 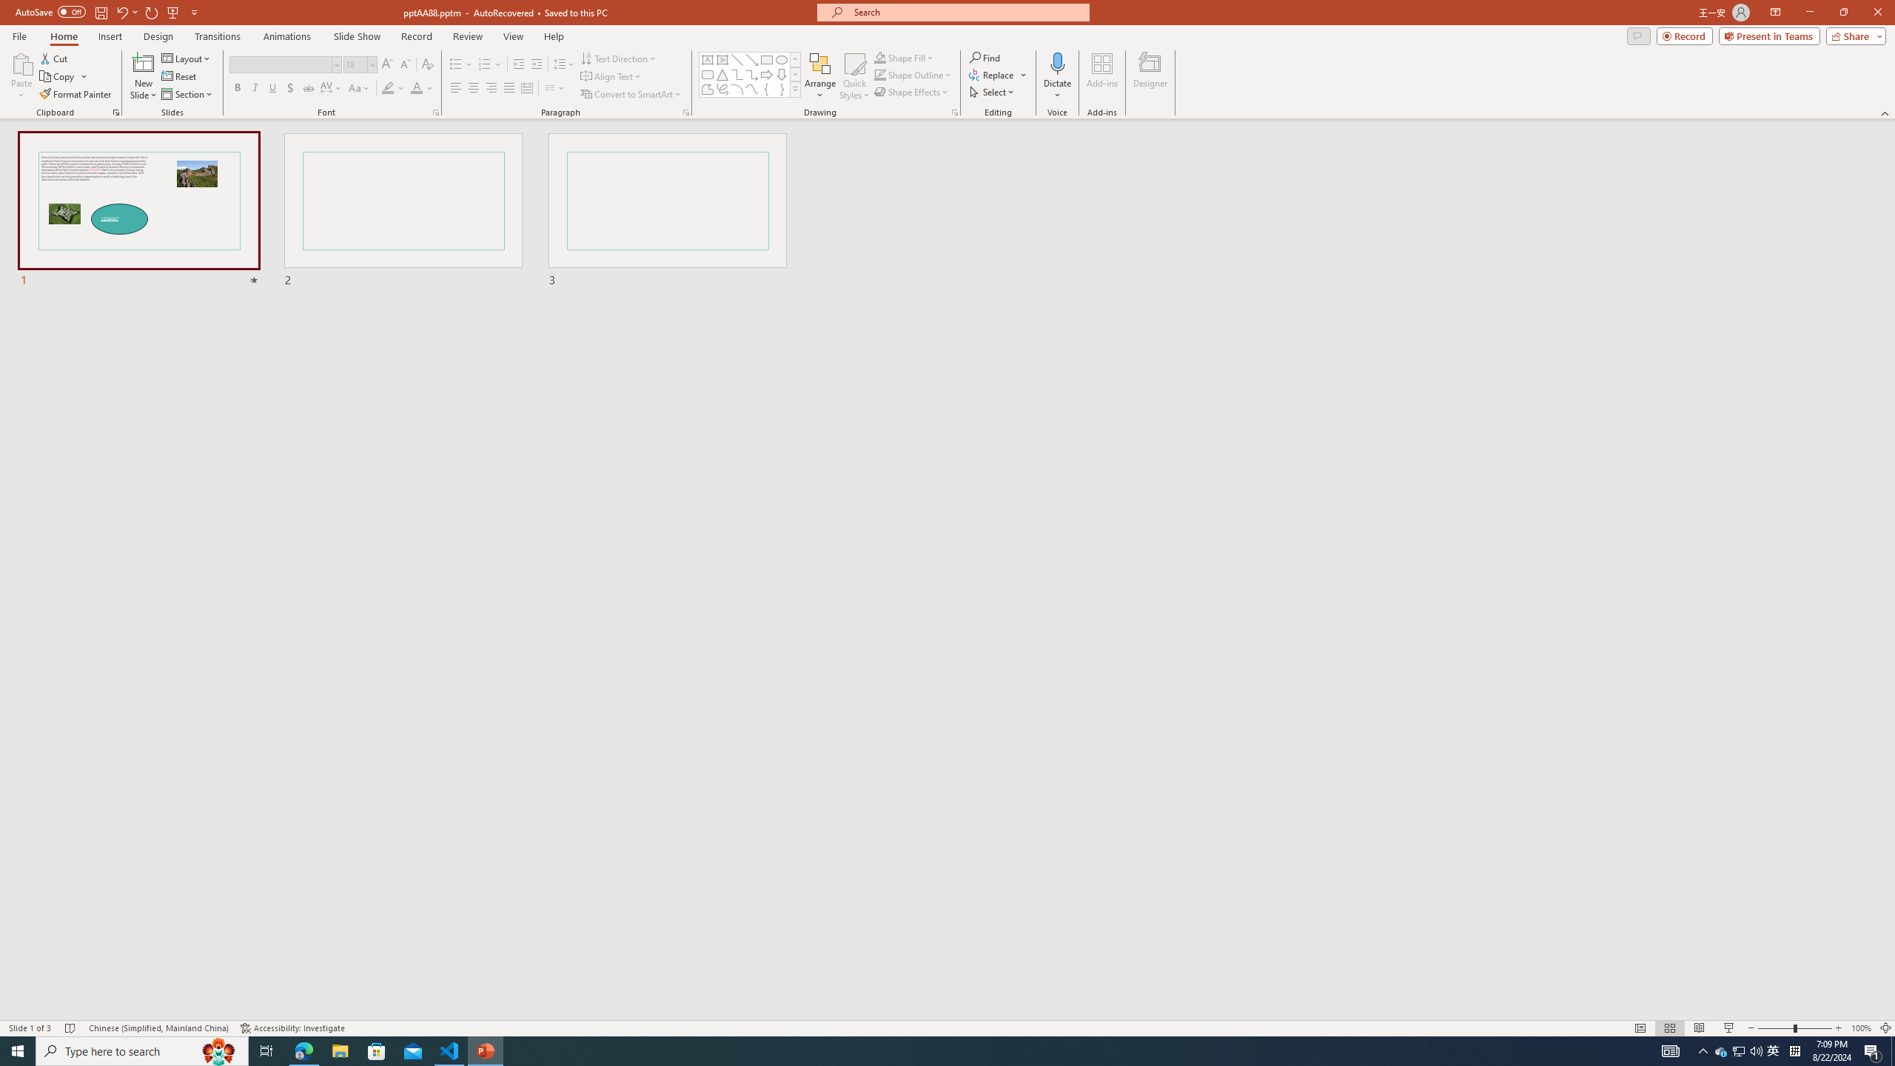 What do you see at coordinates (619, 58) in the screenshot?
I see `'Text Direction'` at bounding box center [619, 58].